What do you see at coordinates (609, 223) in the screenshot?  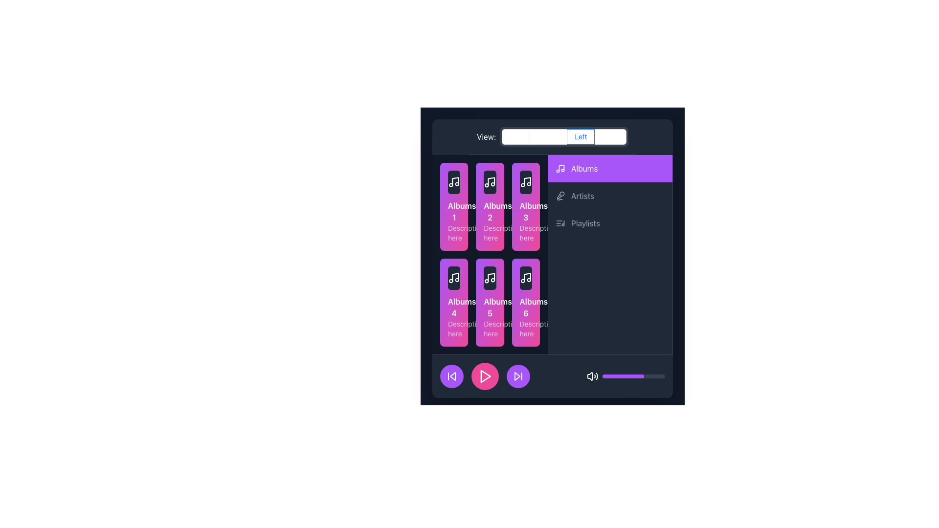 I see `the 'Playlists' option in the navigation menu` at bounding box center [609, 223].